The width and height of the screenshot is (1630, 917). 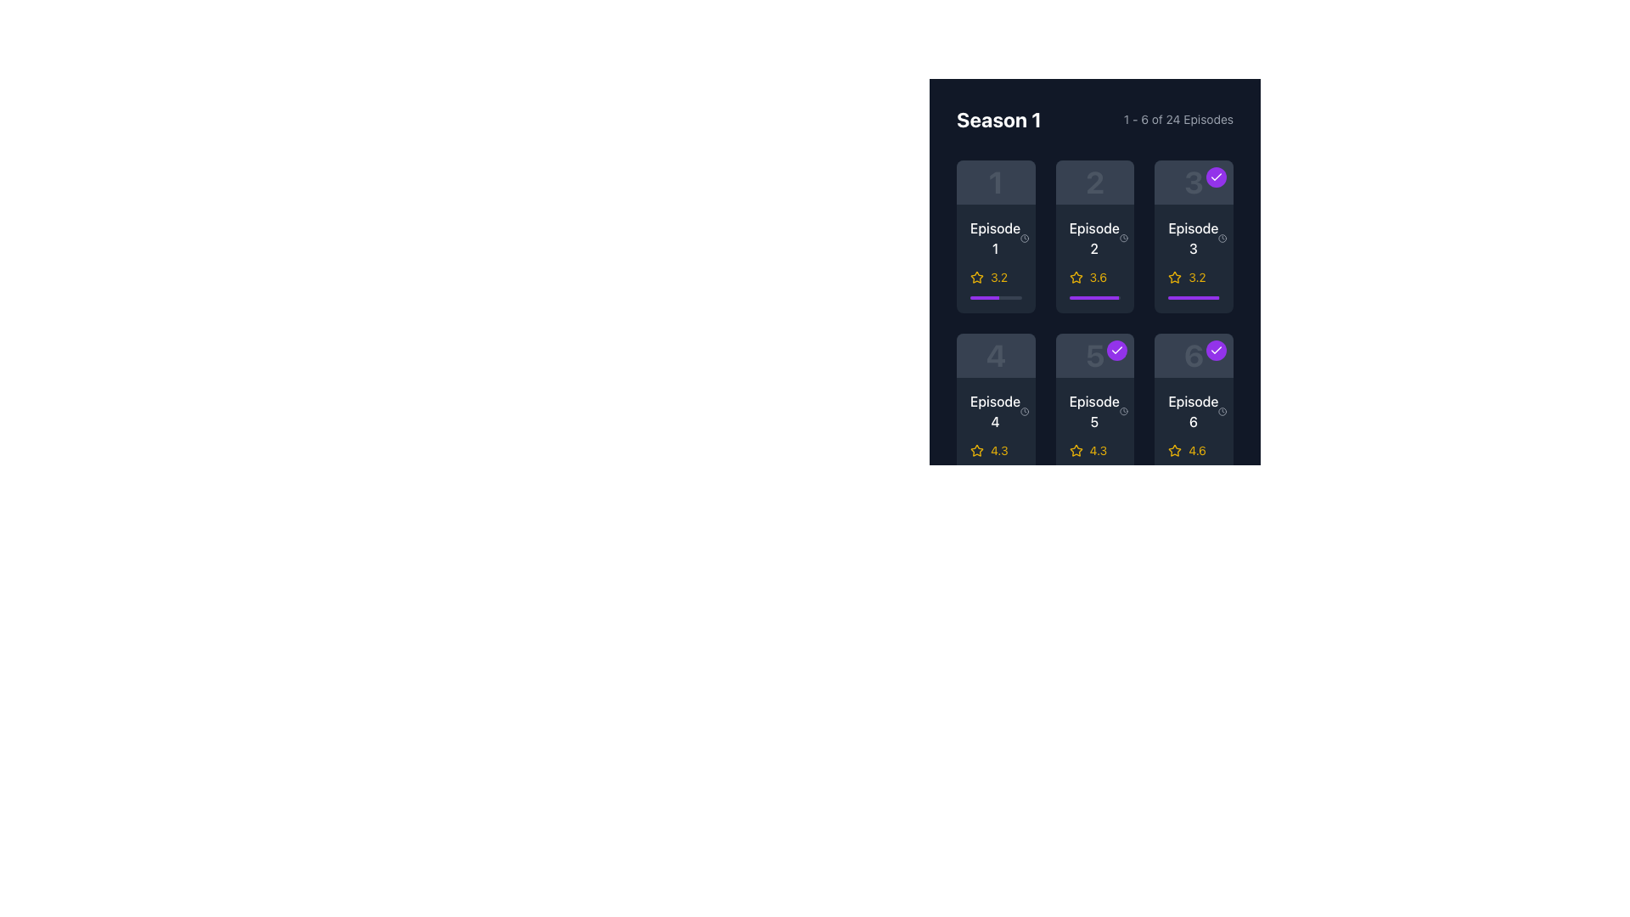 I want to click on the yellow star icon representing the rating system located in the Episode 5 card of Season 1, so click(x=1075, y=450).